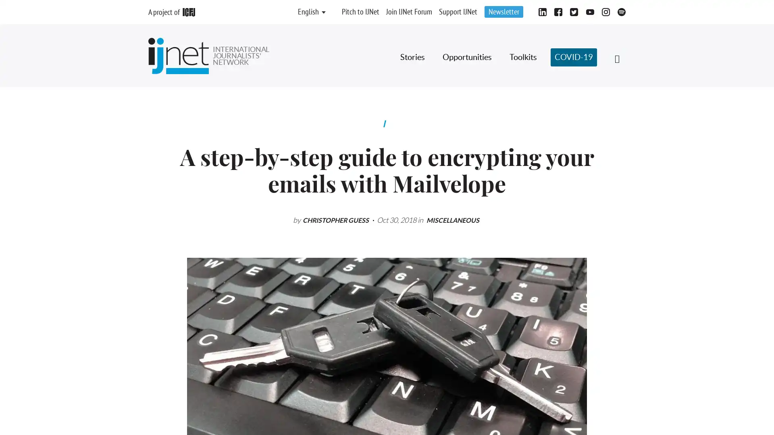 The height and width of the screenshot is (435, 774). What do you see at coordinates (308, 12) in the screenshot?
I see `English` at bounding box center [308, 12].